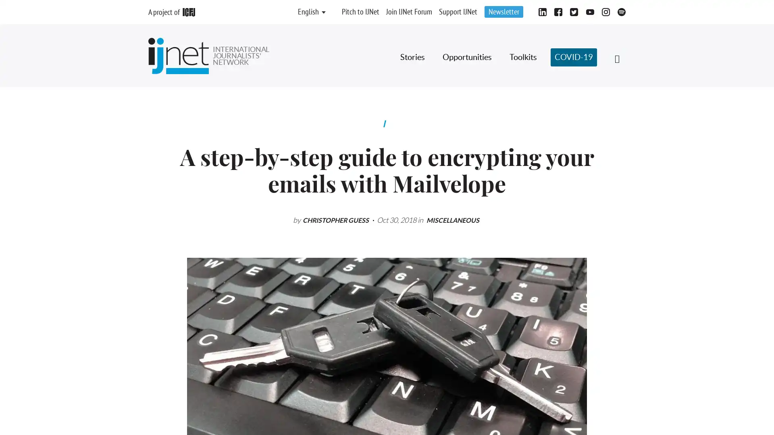 The height and width of the screenshot is (435, 774). What do you see at coordinates (308, 12) in the screenshot?
I see `English` at bounding box center [308, 12].